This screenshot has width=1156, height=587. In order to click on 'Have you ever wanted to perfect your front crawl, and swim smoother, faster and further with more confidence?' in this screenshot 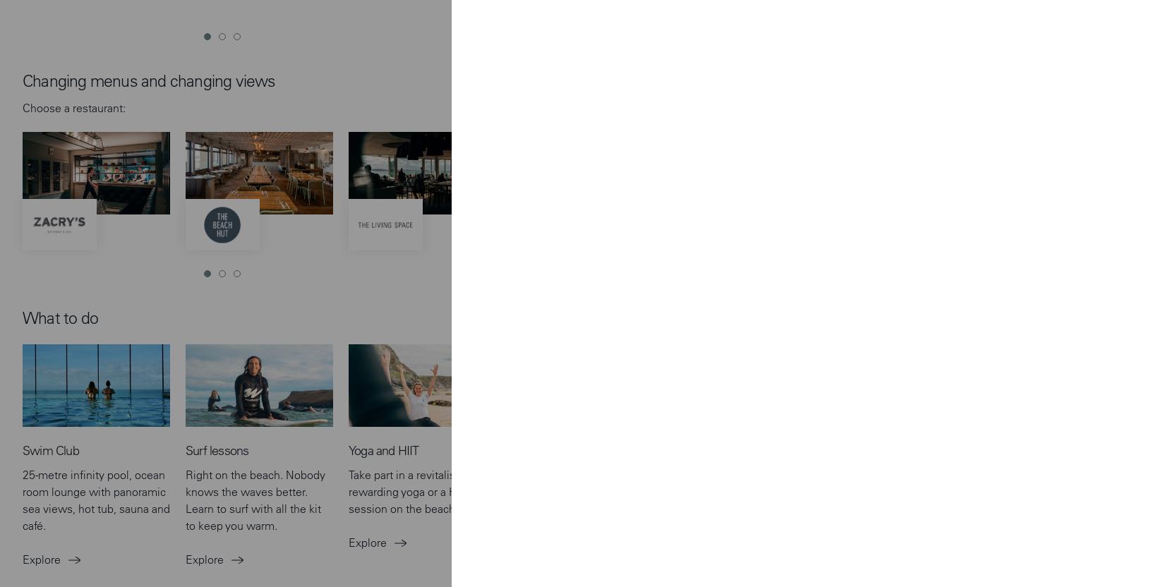, I will do `click(579, 193)`.